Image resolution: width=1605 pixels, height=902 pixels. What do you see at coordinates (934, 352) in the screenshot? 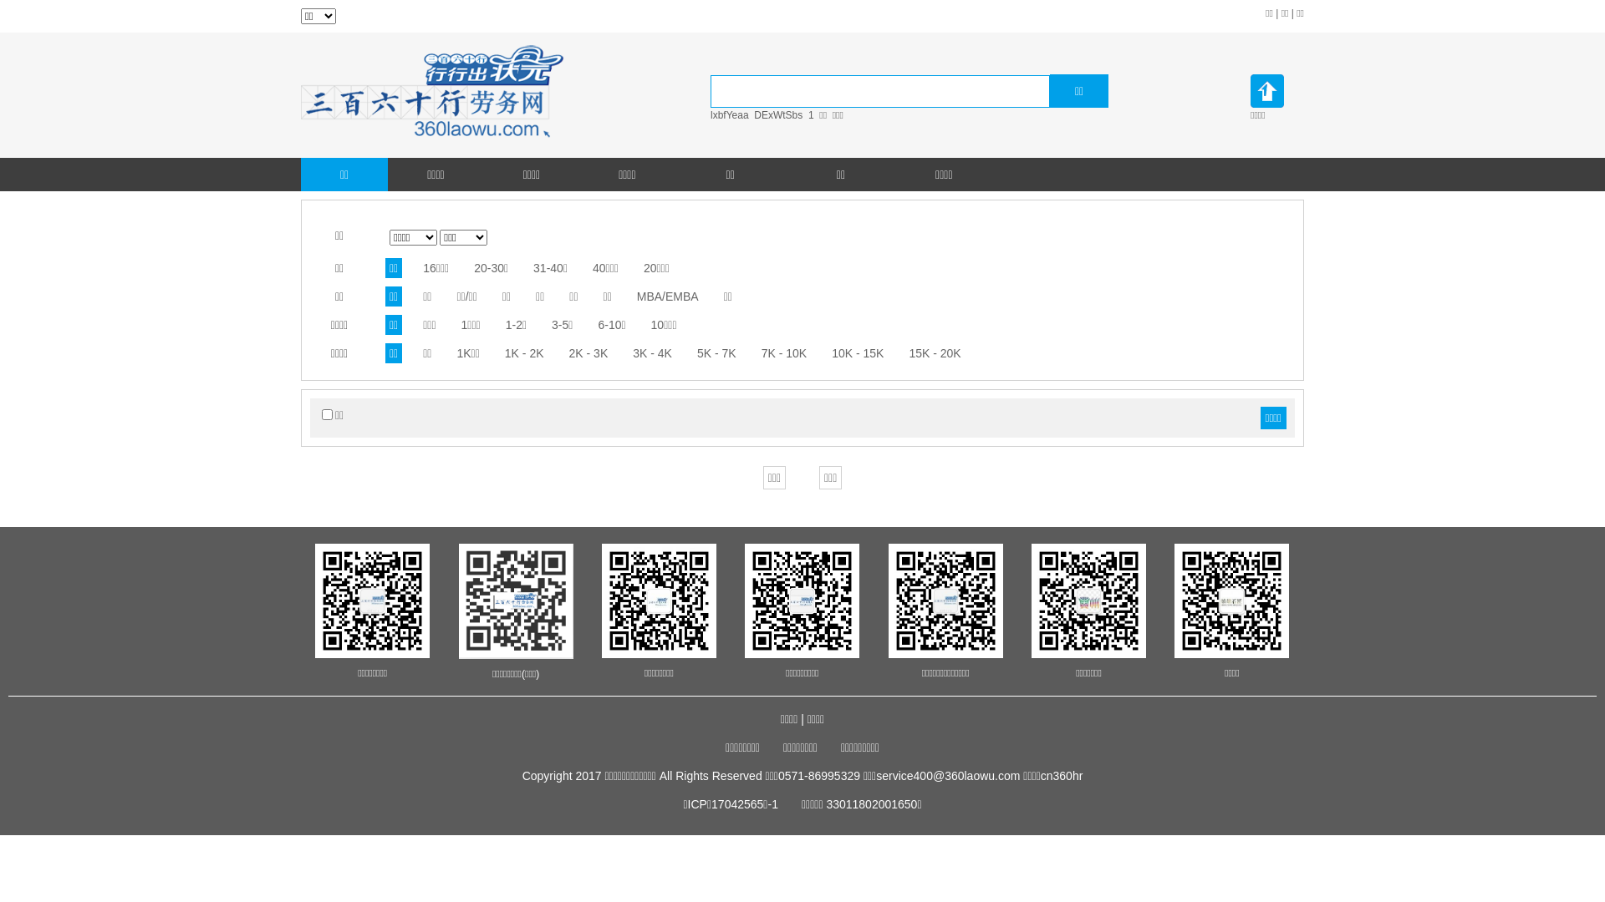
I see `'15K - 20K'` at bounding box center [934, 352].